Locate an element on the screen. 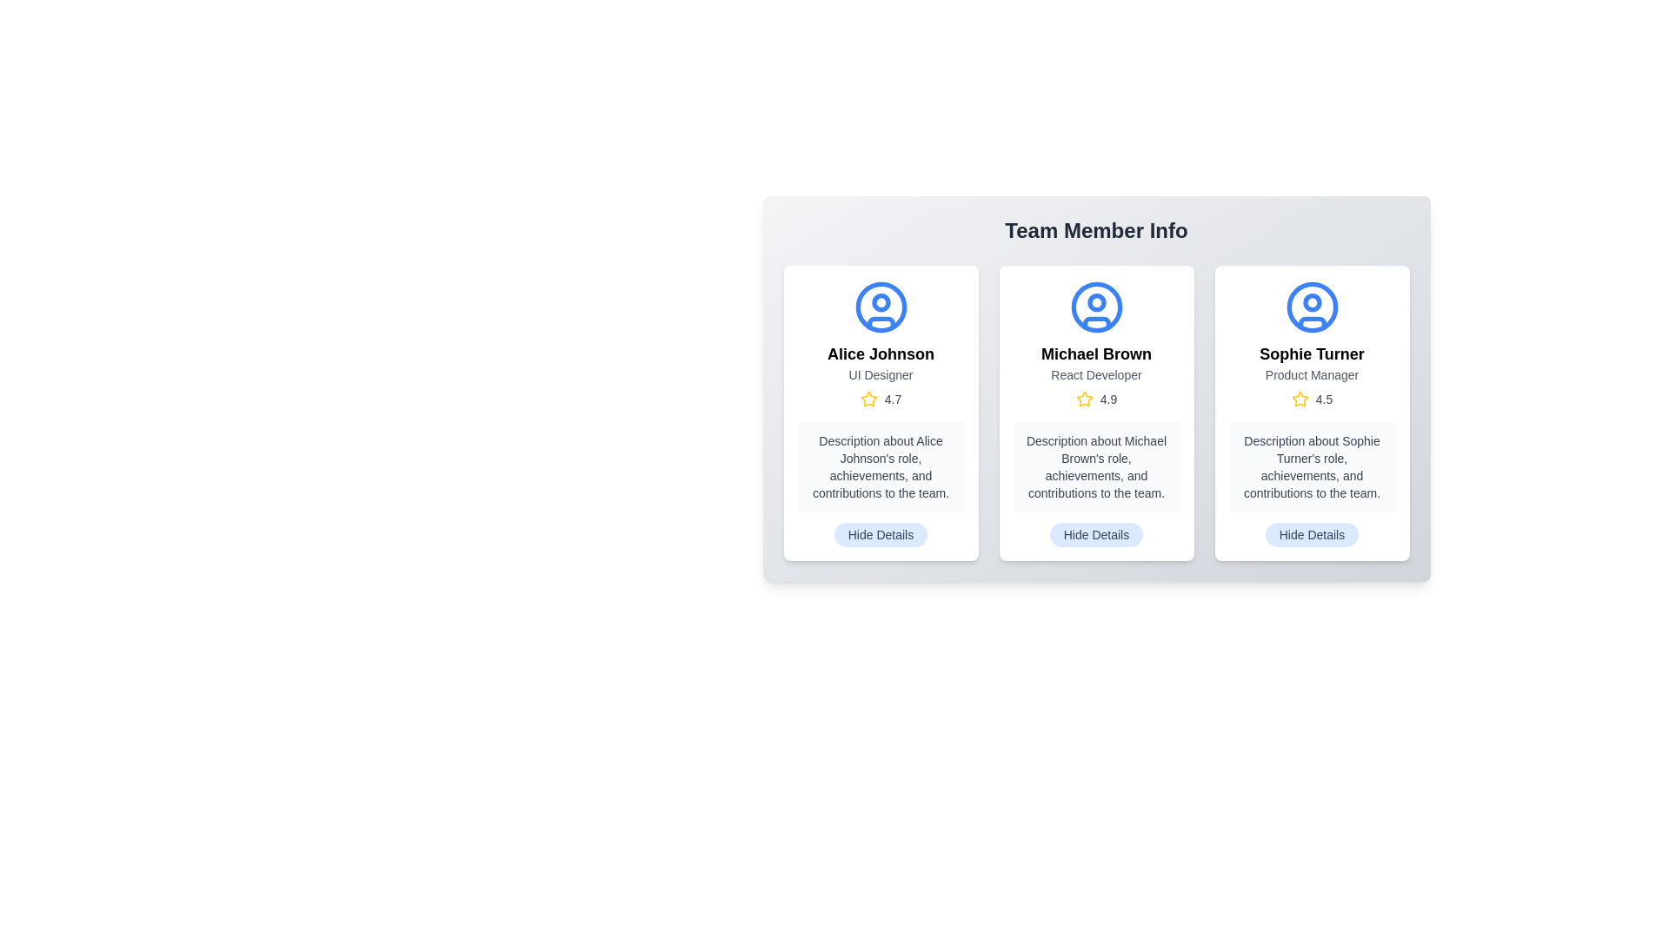 The image size is (1669, 938). rating score '4.7' displayed alongside the star icon in the rating display for 'Alice Johnson', positioned below the designation 'UI Designer' is located at coordinates (881, 399).